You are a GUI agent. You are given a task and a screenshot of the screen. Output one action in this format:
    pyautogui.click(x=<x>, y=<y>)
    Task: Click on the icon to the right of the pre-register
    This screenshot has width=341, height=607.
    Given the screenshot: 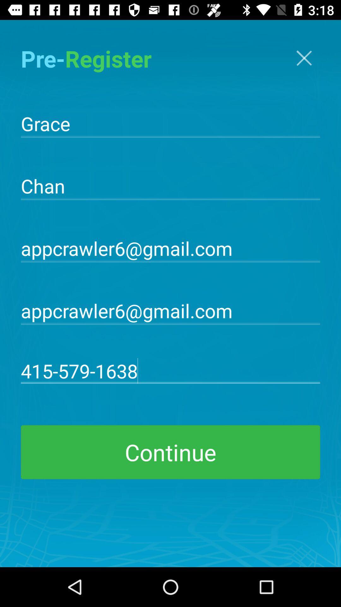 What is the action you would take?
    pyautogui.click(x=304, y=58)
    